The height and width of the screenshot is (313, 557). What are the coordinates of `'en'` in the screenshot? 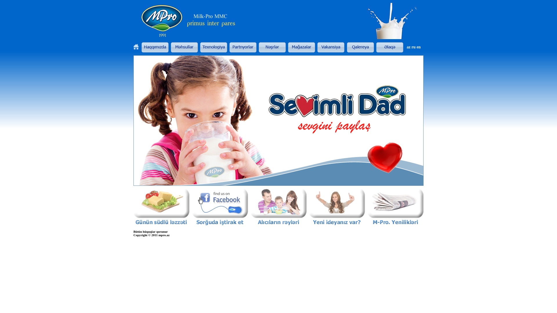 It's located at (419, 47).